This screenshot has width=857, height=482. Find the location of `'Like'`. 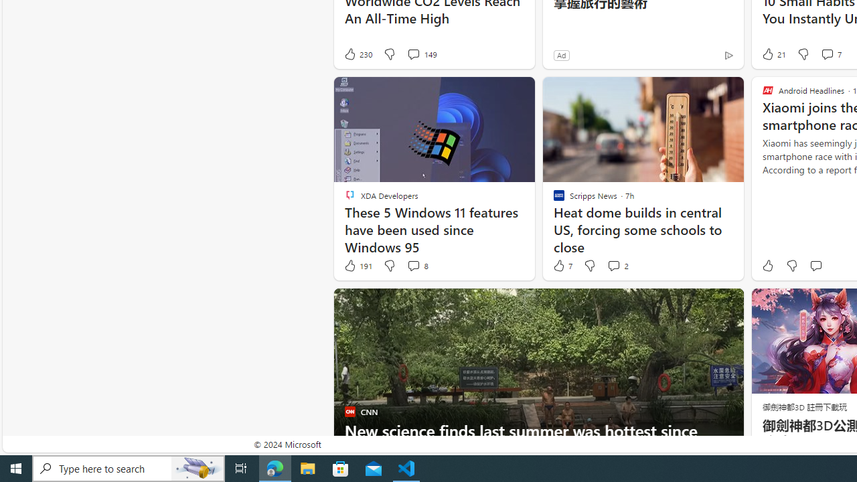

'Like' is located at coordinates (767, 266).